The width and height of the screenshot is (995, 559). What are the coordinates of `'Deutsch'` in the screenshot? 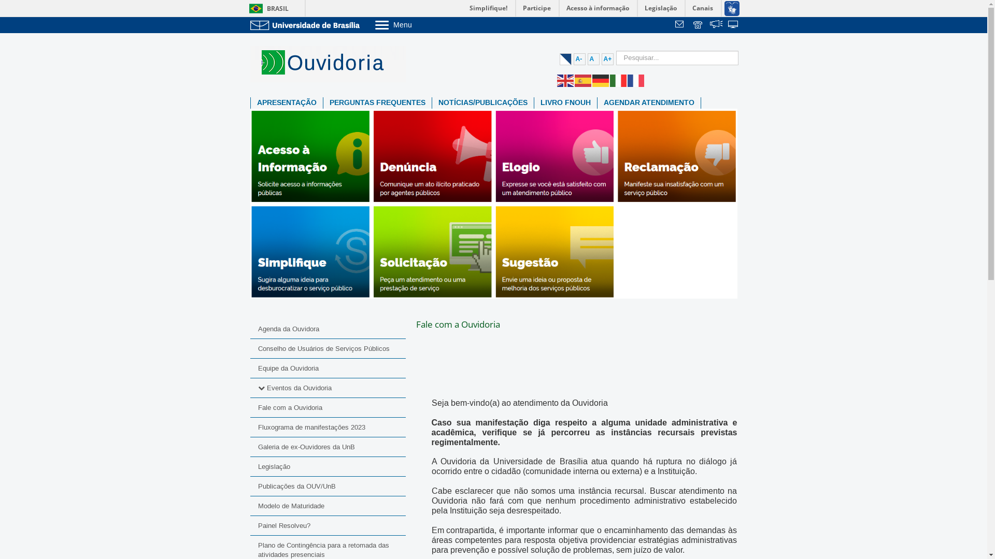 It's located at (600, 79).